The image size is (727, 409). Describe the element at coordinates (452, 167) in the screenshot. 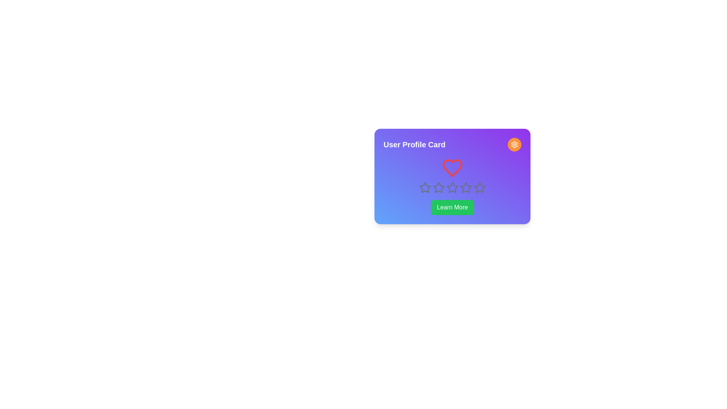

I see `the 'Favorite' or 'Like' icon located at the top center of the User Profile Card layout` at that location.